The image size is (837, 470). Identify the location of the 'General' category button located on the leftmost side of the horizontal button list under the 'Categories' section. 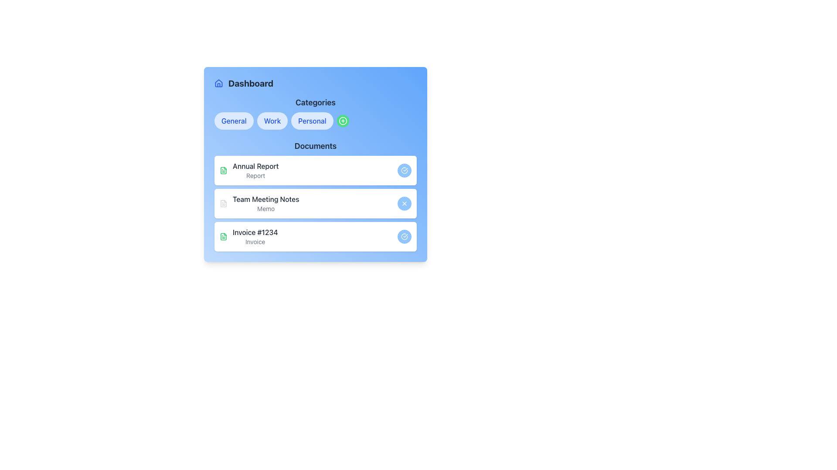
(234, 121).